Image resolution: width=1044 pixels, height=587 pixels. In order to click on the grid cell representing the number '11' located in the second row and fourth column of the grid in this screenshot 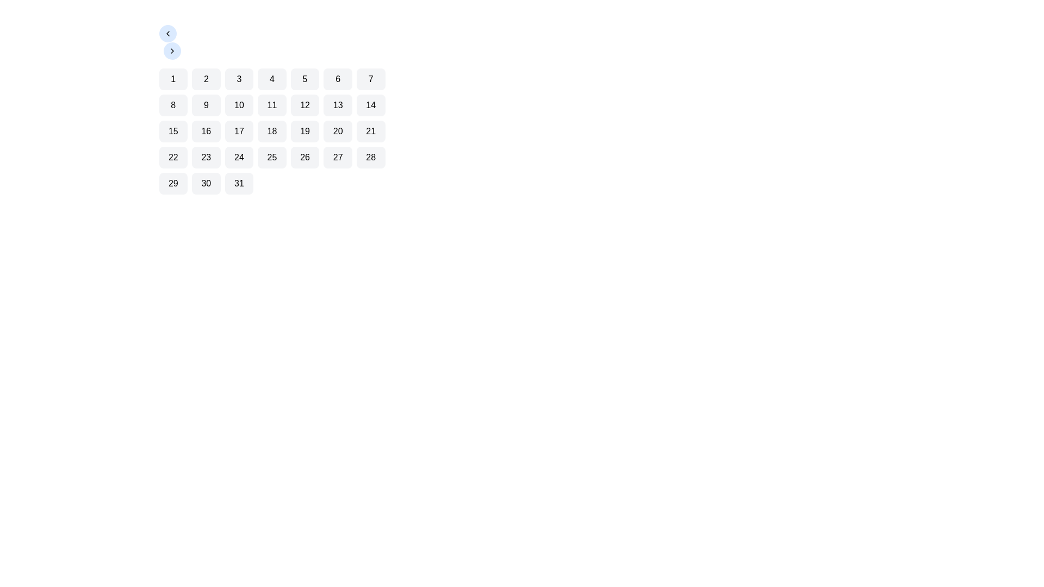, I will do `click(272, 105)`.